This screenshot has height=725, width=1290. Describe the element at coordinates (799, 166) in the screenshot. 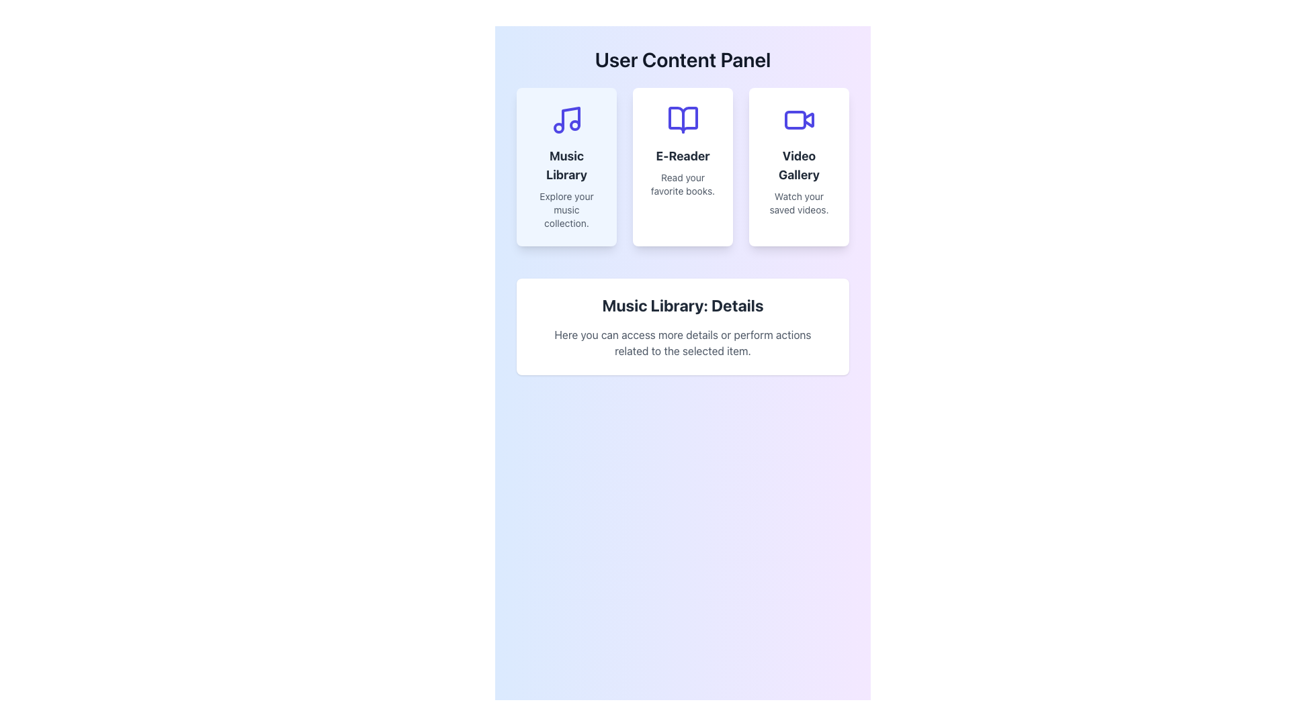

I see `the third card in the grid layout, located to the right of the 'E-Reader' card` at that location.